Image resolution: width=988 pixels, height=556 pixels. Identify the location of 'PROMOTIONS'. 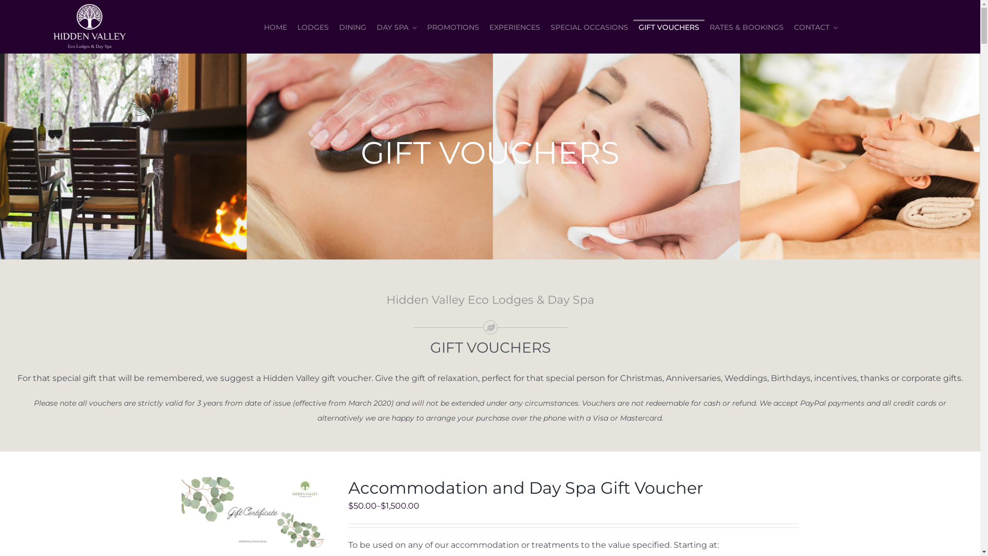
(422, 26).